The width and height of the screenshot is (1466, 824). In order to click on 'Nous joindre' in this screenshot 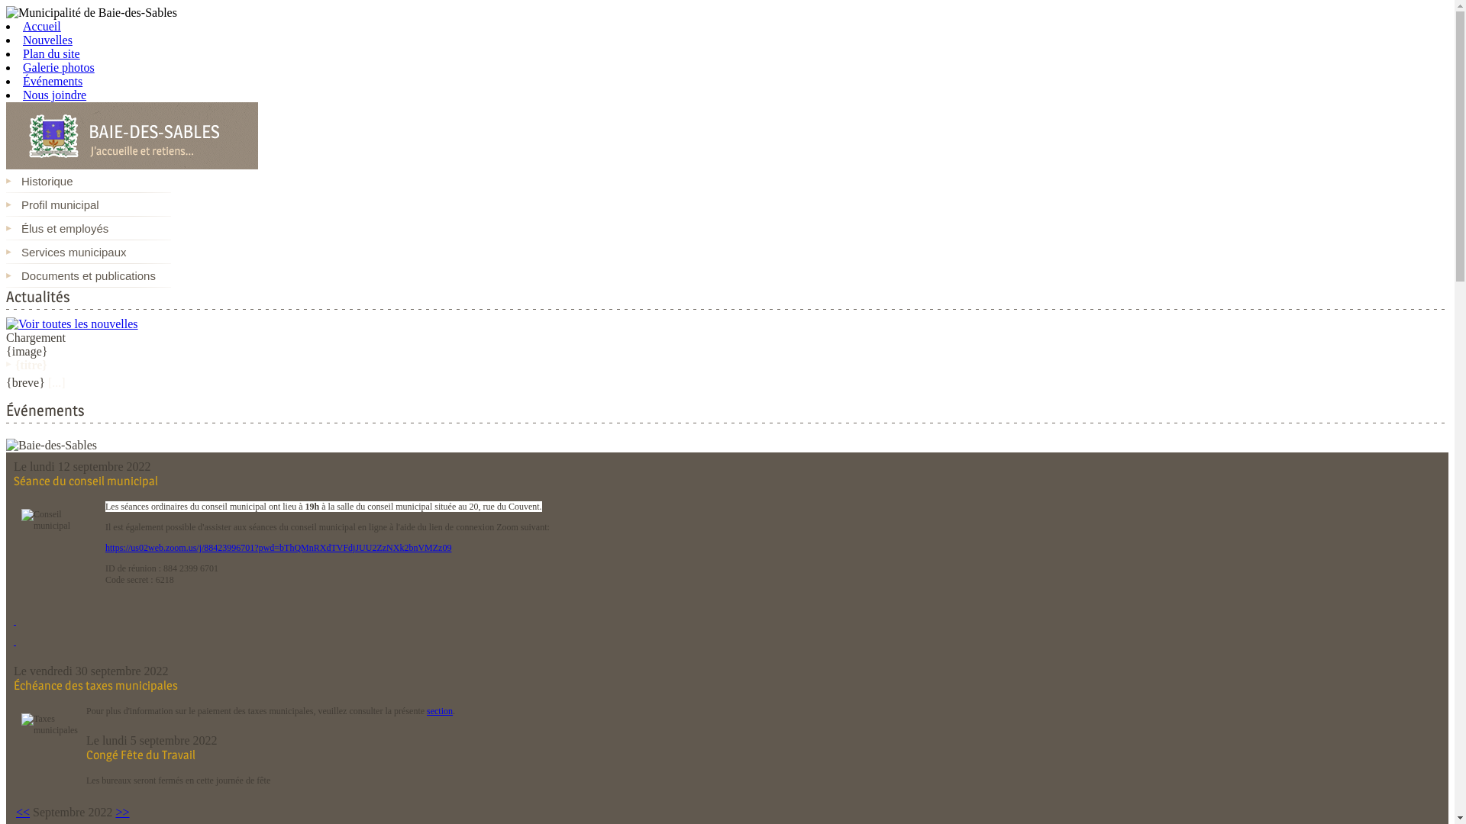, I will do `click(54, 95)`.